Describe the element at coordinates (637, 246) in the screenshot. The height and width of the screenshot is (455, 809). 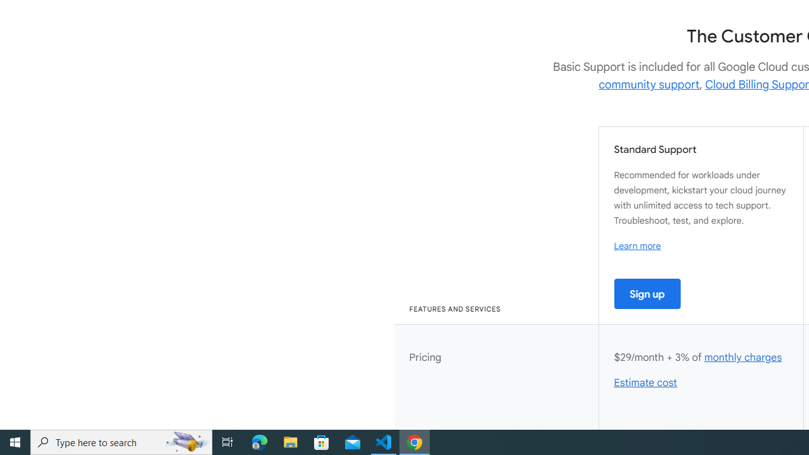
I see `'Learn more'` at that location.